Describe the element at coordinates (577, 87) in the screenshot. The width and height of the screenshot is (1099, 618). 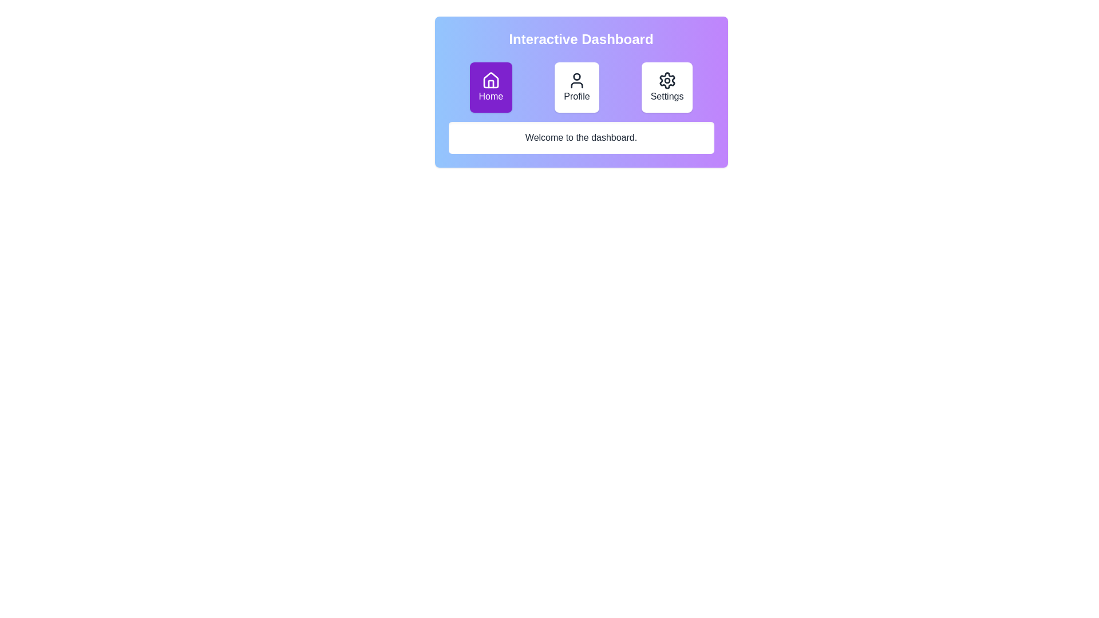
I see `the Profile button to observe its hover effect` at that location.